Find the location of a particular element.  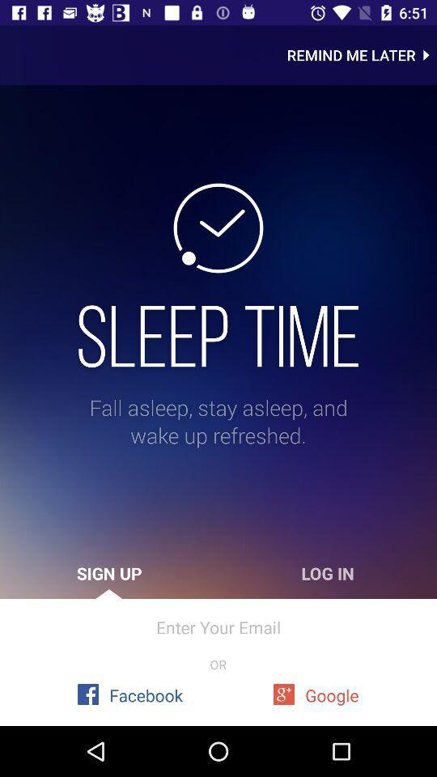

the enter your email is located at coordinates (218, 626).